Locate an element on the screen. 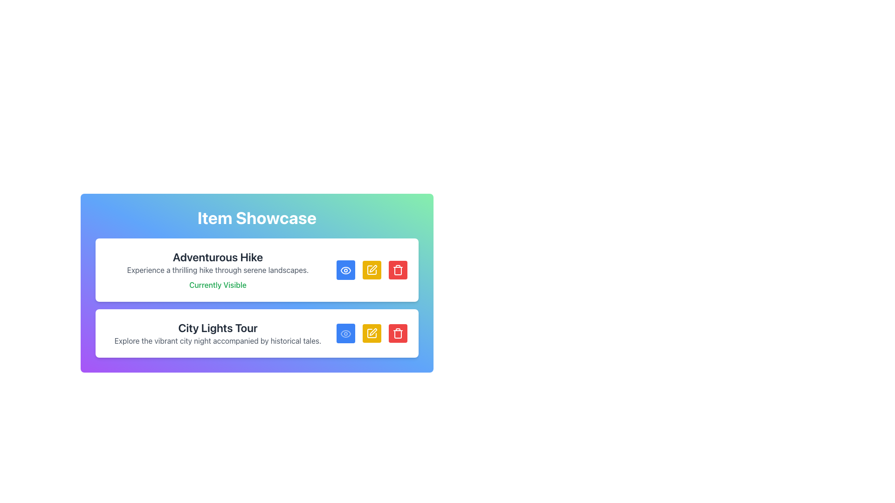 The width and height of the screenshot is (895, 503). the eye icon located to the right of the 'City Lights Tour' descriptor panel is located at coordinates (345, 270).